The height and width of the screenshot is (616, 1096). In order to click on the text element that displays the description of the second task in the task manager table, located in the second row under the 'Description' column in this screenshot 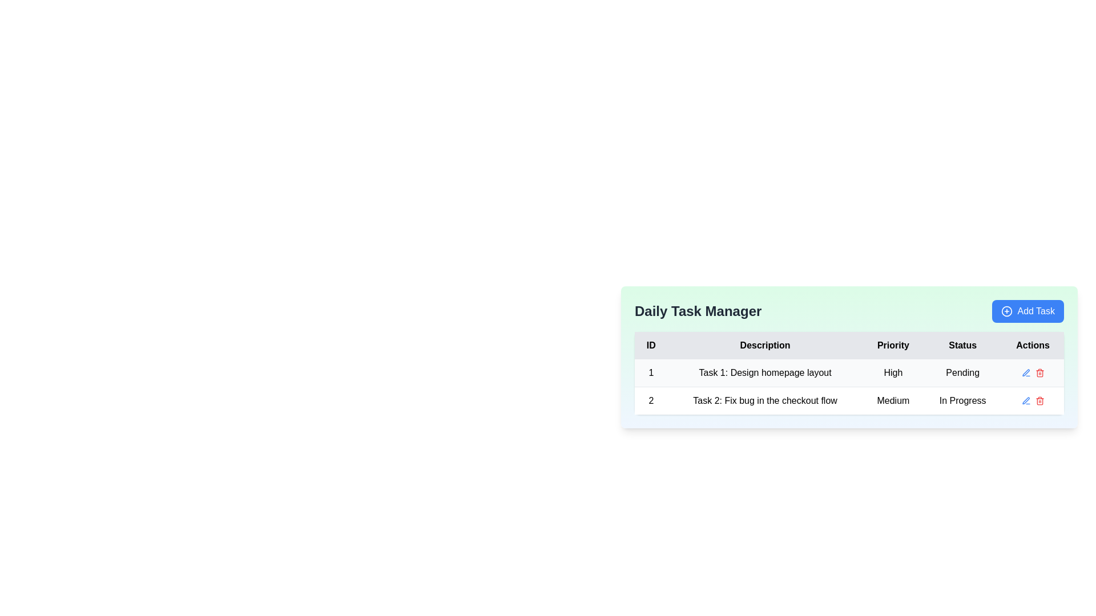, I will do `click(765, 400)`.